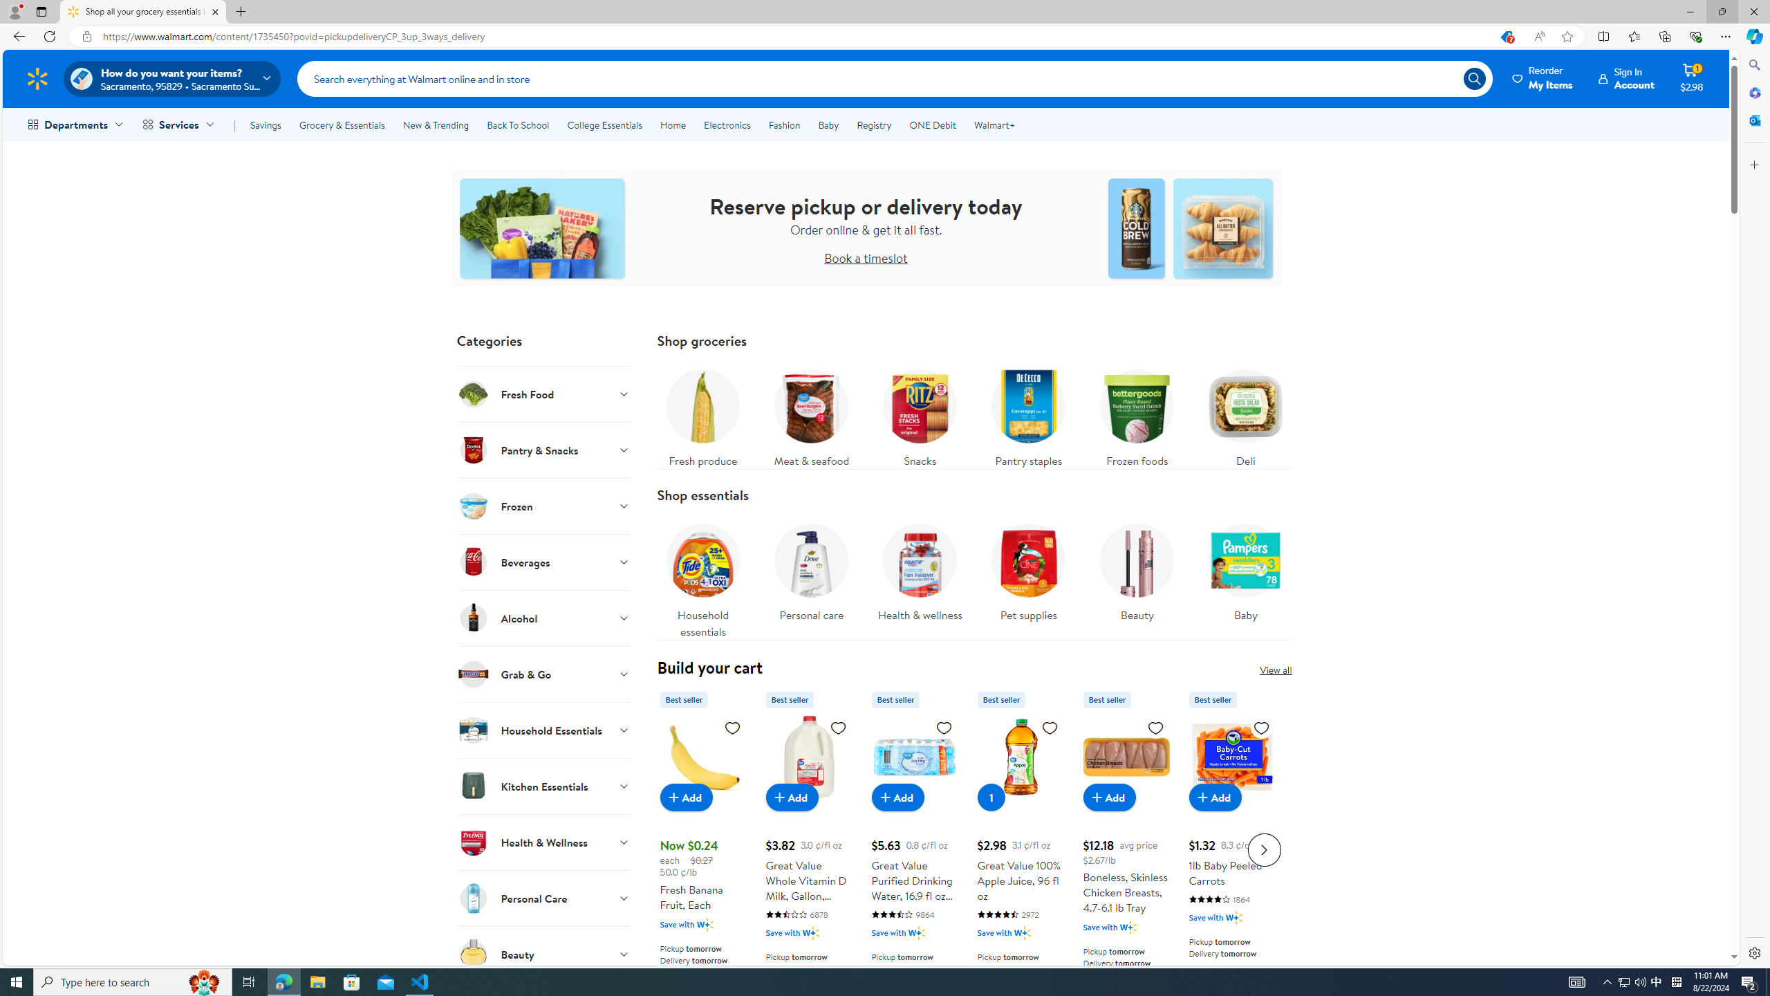  I want to click on 'Pantry & Snacks', so click(542, 450).